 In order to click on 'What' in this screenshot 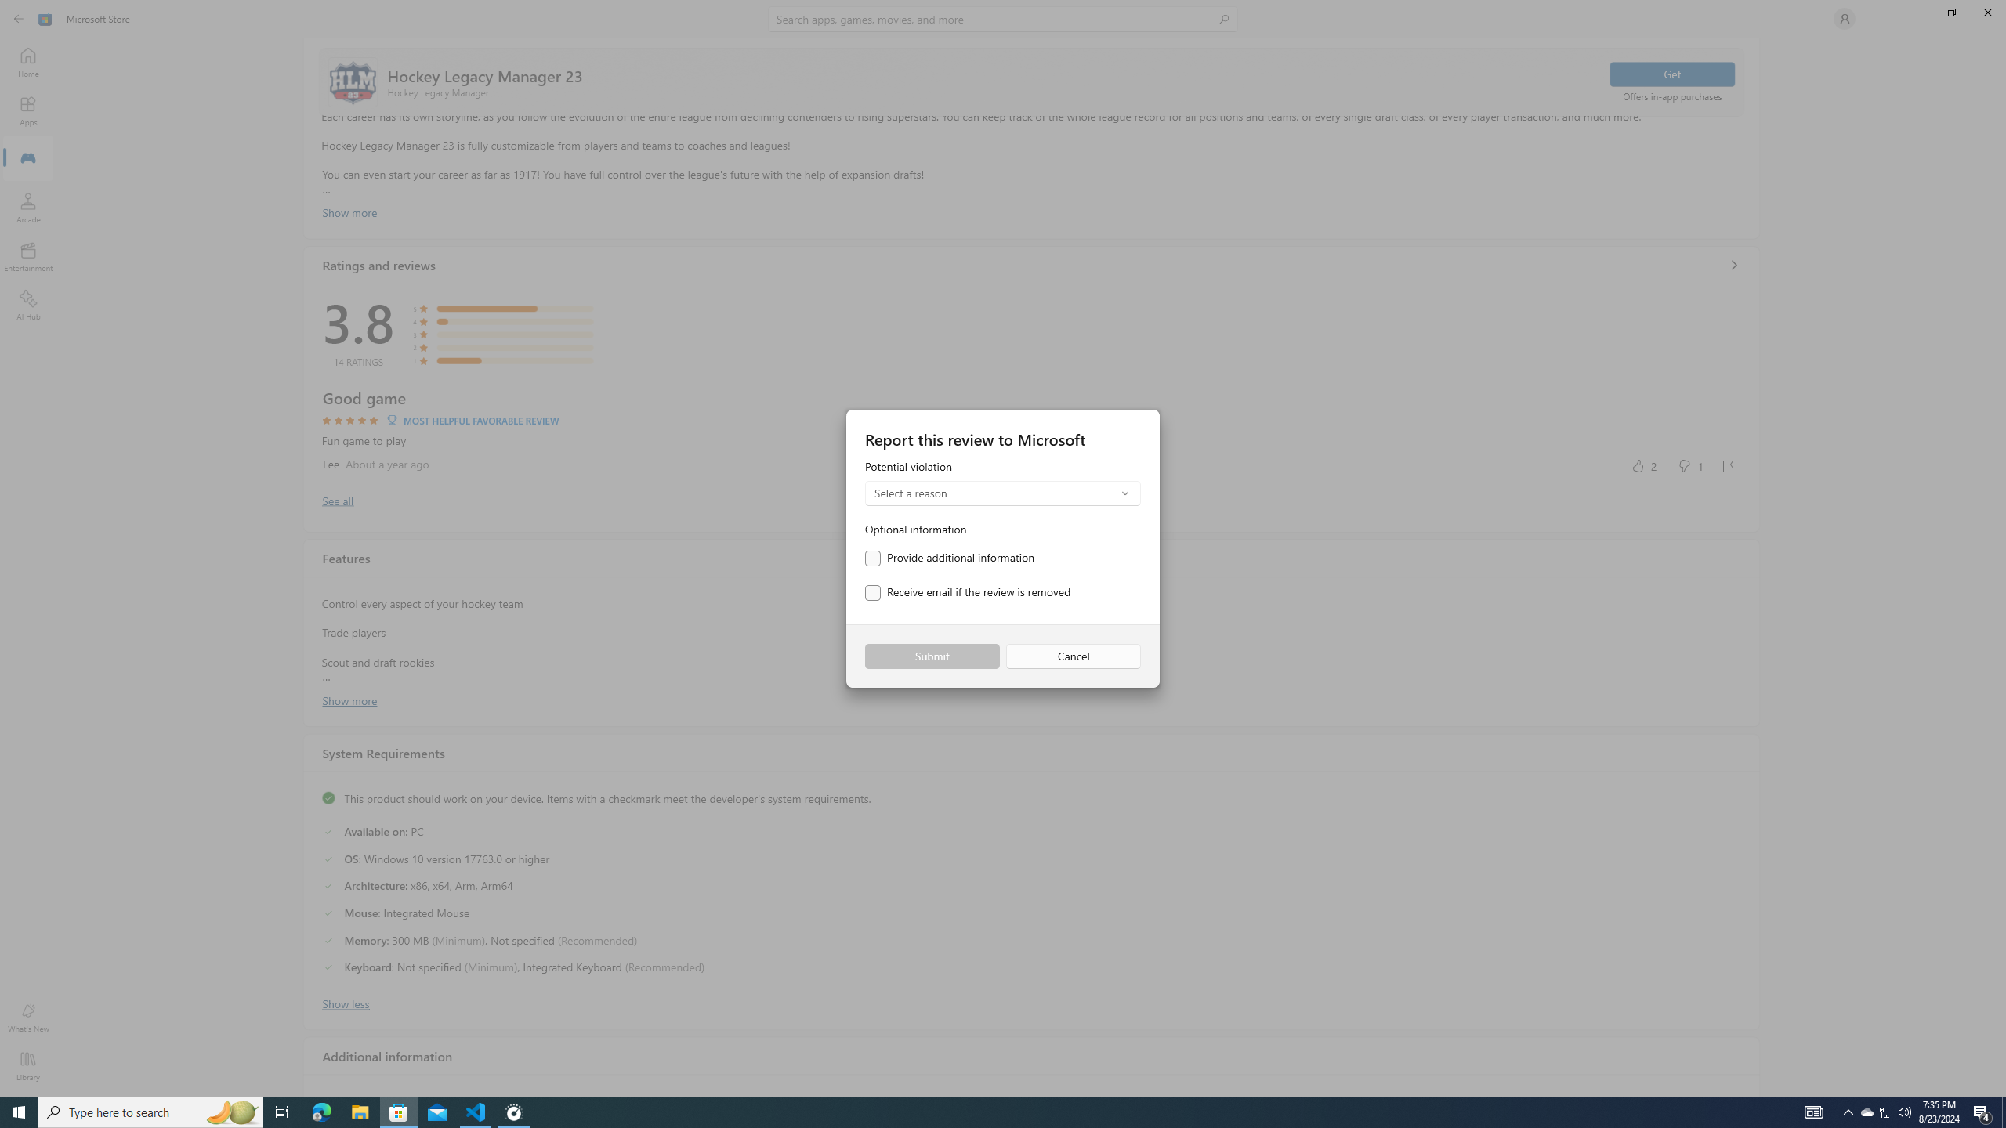, I will do `click(27, 1017)`.